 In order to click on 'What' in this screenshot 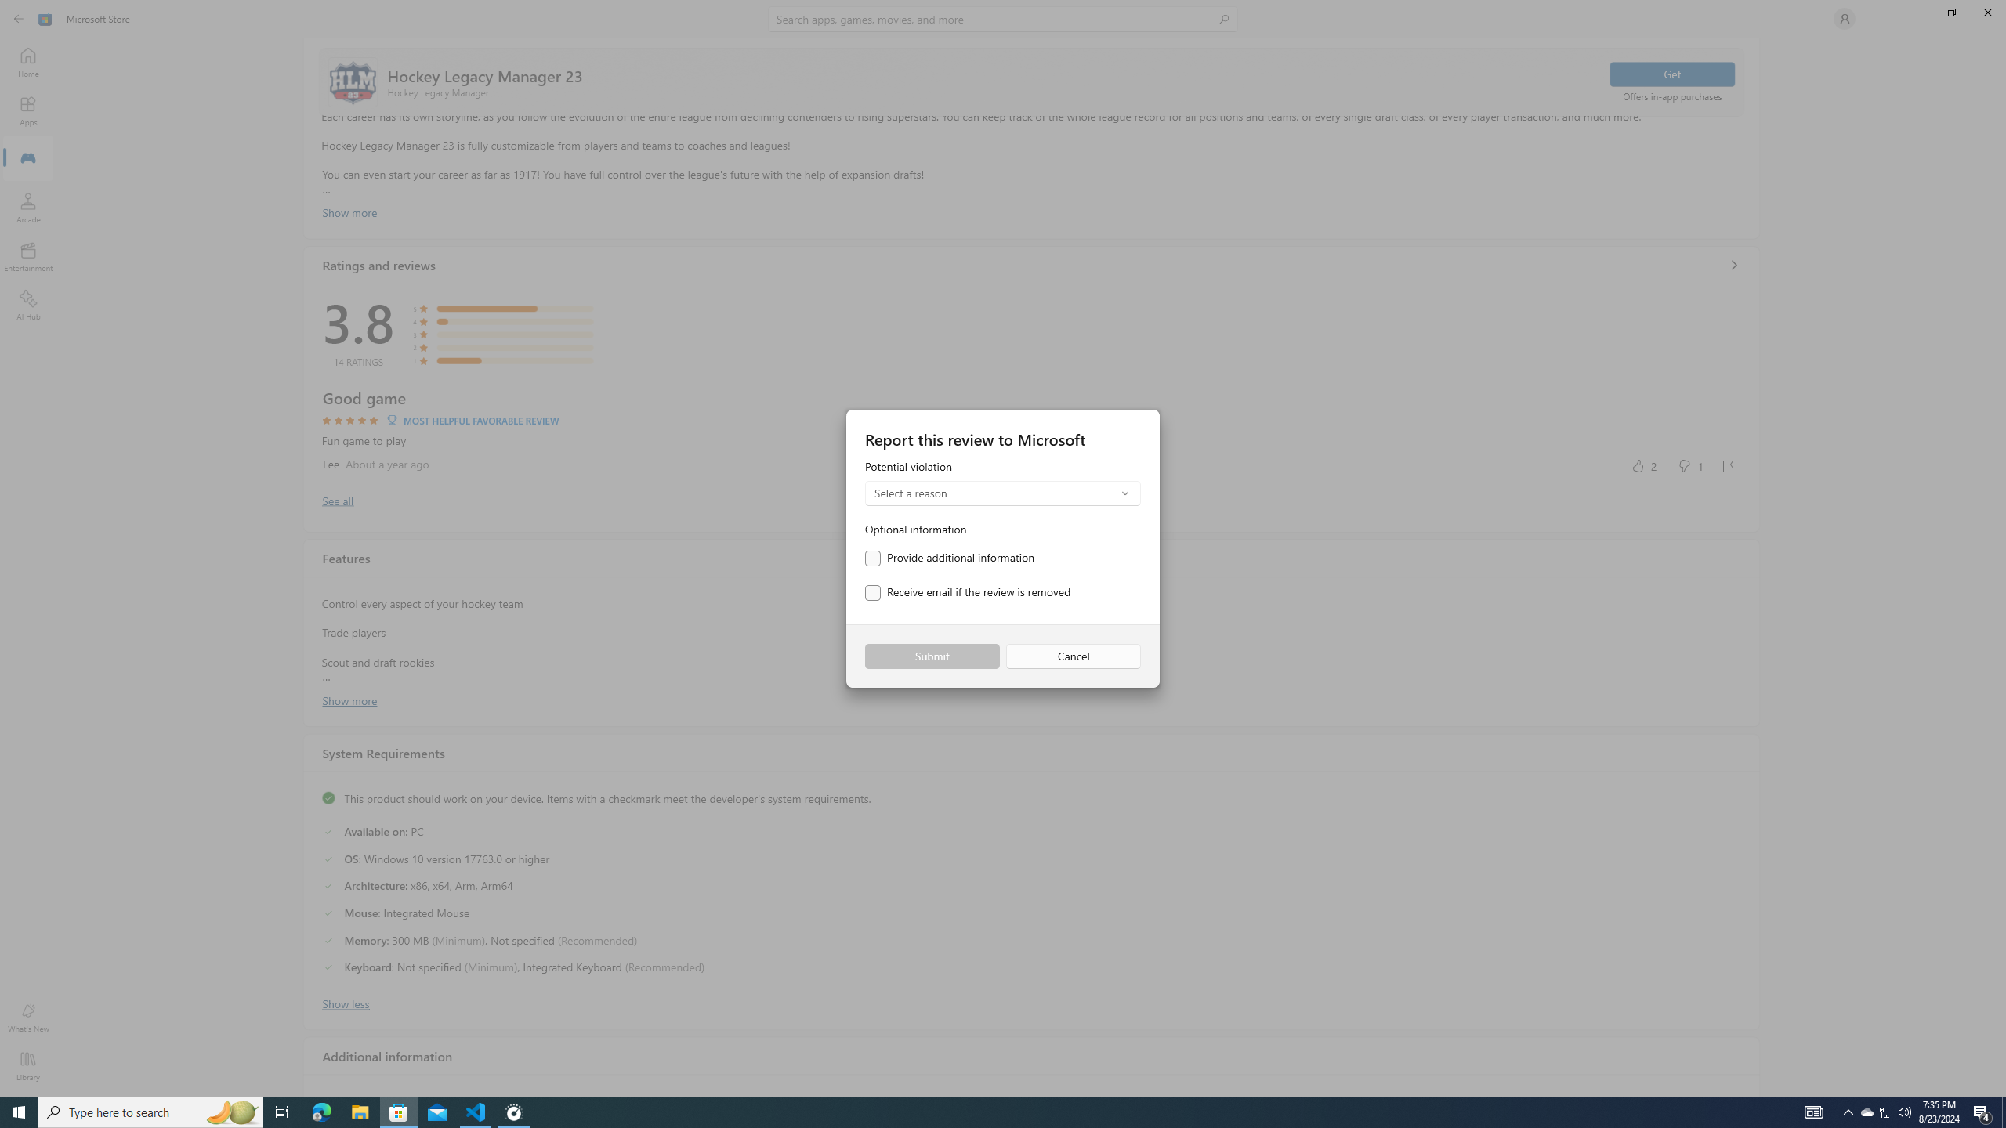, I will do `click(27, 1017)`.